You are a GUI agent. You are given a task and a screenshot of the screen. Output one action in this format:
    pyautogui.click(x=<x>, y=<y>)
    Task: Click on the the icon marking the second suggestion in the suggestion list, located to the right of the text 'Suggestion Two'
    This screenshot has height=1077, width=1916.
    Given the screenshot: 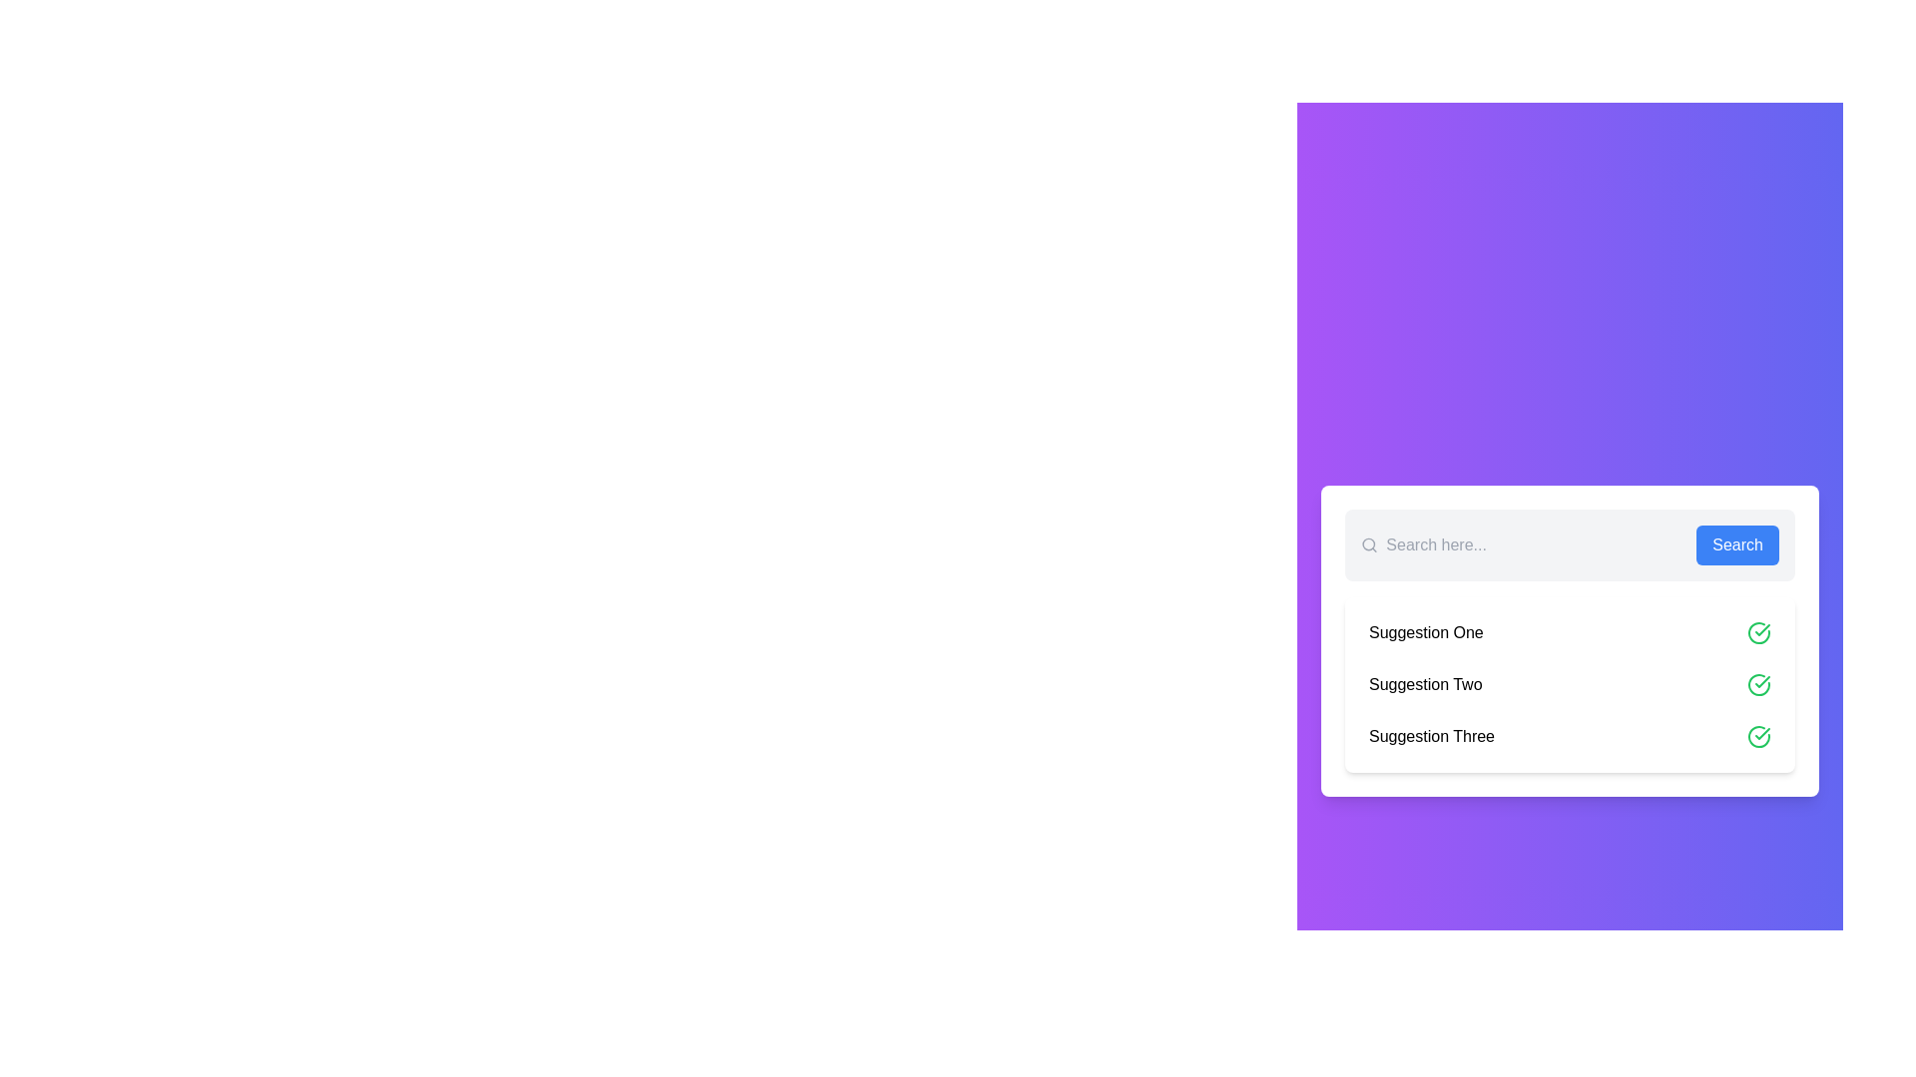 What is the action you would take?
    pyautogui.click(x=1762, y=630)
    